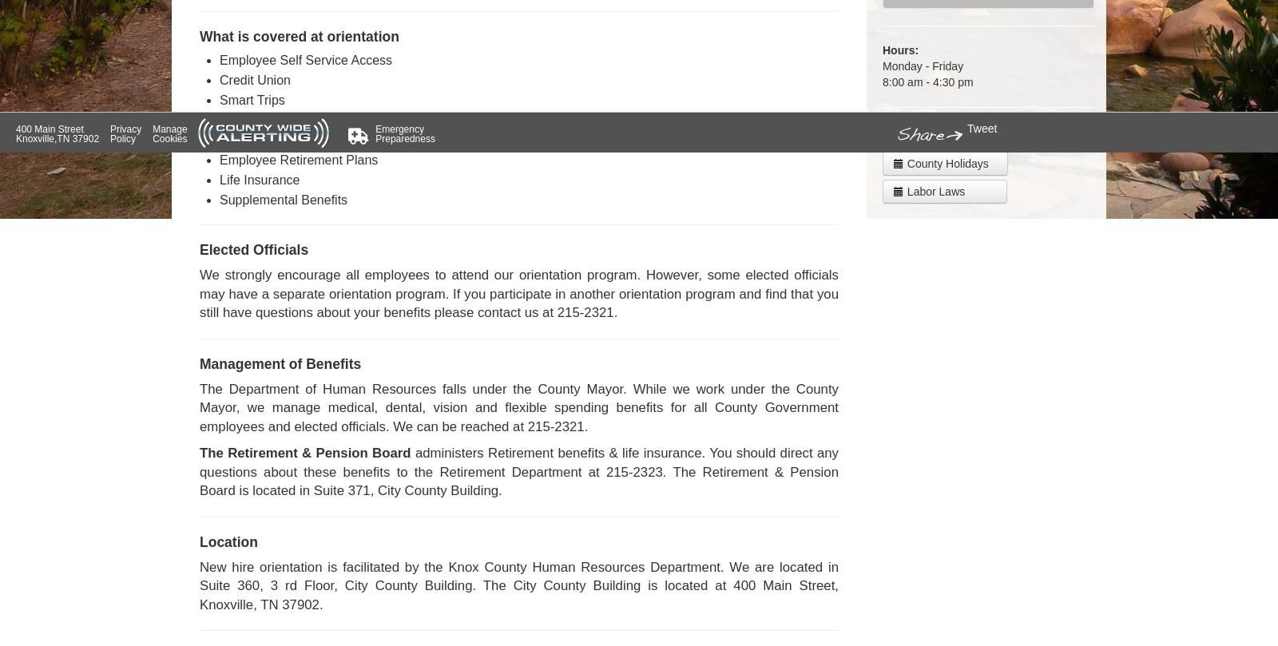 The image size is (1278, 646). I want to click on 'We strongly encourage all employees to attend our orientation program. However, some elected officials may have a separate orientation program. If you participate in another orientation program and find that you still have questions about your benefits please contact us at 215-2321.', so click(518, 294).